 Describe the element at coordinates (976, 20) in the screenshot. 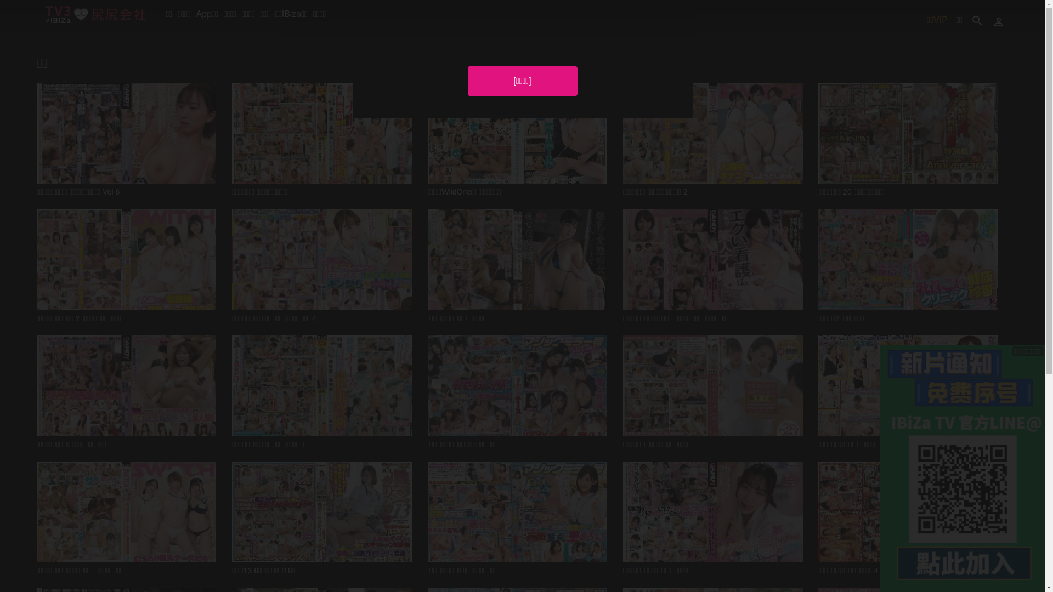

I see `'search'` at that location.